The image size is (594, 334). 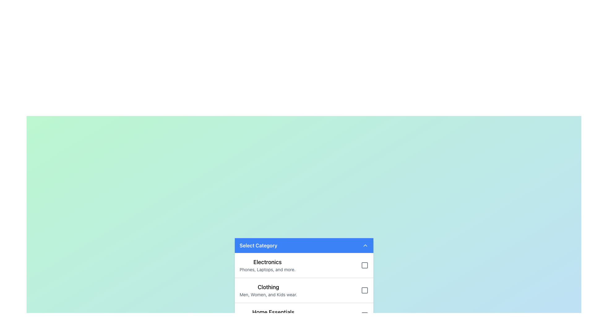 I want to click on text content of the 'Clothing' label, which is a bold, medium-sized black text on a white background, positioned above the categories 'Men, Women, and Kids wear.', so click(x=268, y=287).